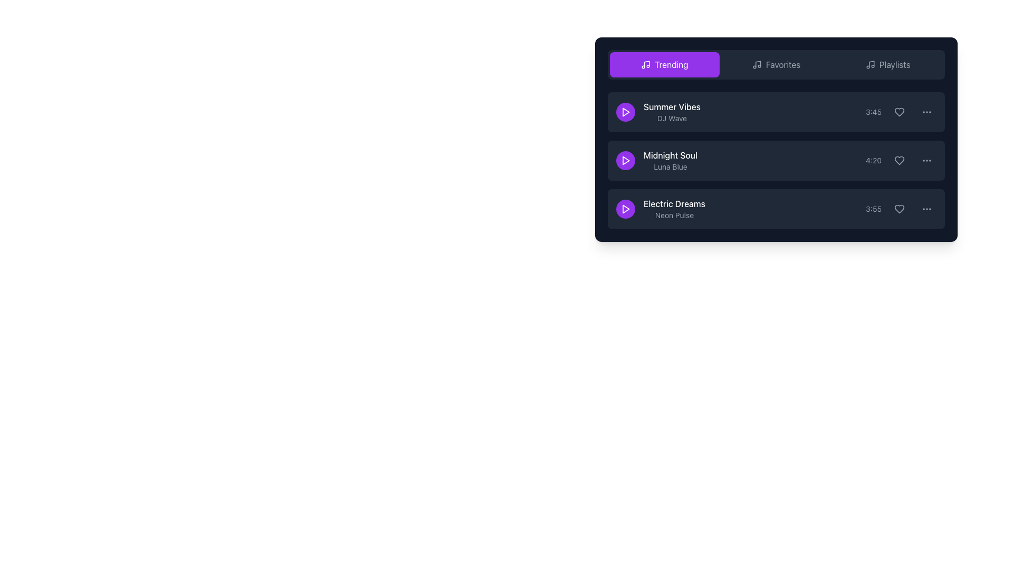 The width and height of the screenshot is (1013, 569). Describe the element at coordinates (874, 209) in the screenshot. I see `the static label displaying the duration of the song 'Electric Dreams', located at the bottom-right portion of the third row in the playlist interface` at that location.